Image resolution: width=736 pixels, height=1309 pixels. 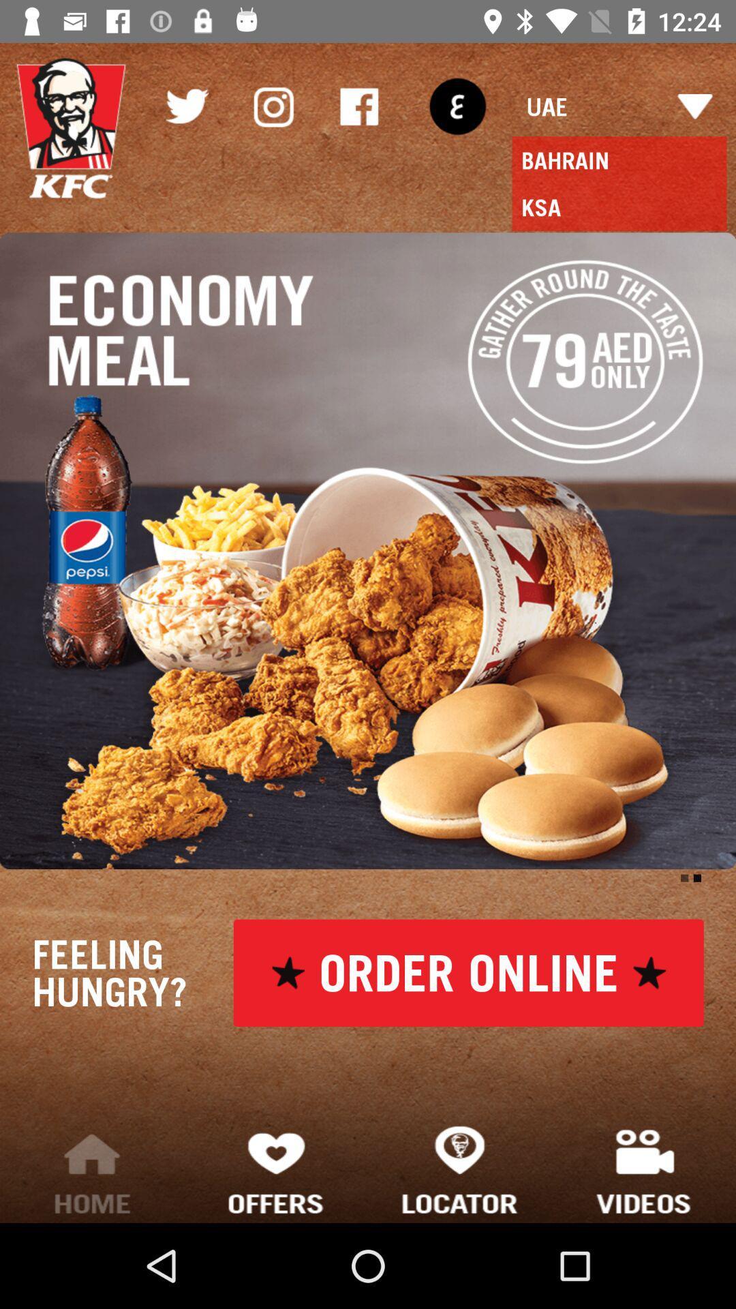 What do you see at coordinates (619, 160) in the screenshot?
I see `the bahrain` at bounding box center [619, 160].